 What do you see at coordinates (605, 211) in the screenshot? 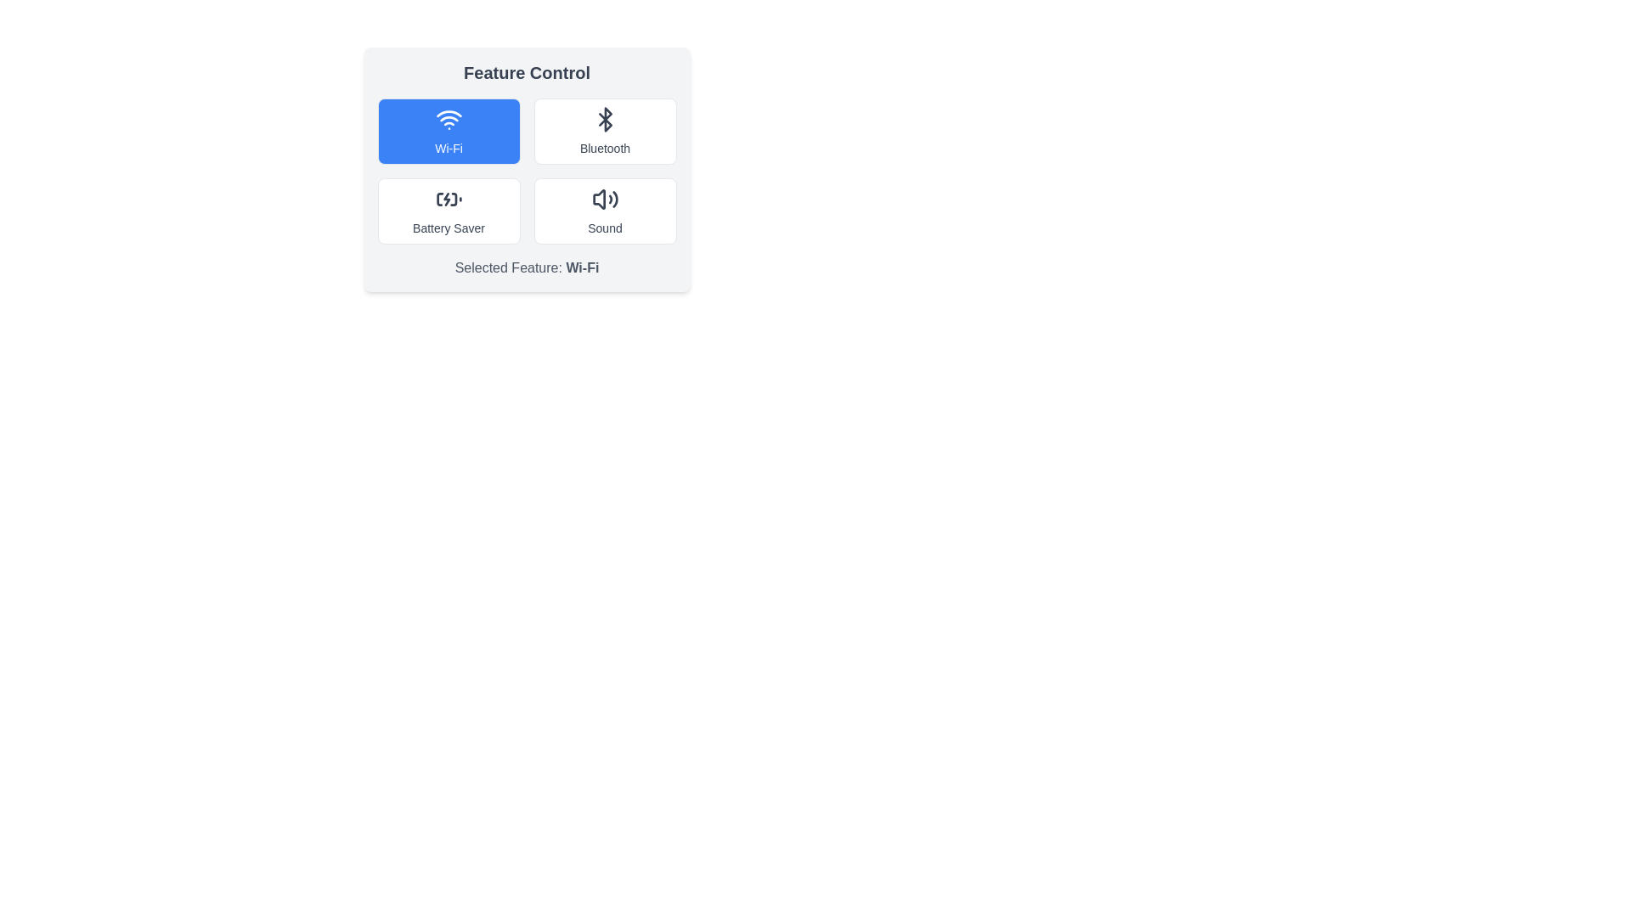
I see `the feature Sound by clicking on its corresponding button` at bounding box center [605, 211].